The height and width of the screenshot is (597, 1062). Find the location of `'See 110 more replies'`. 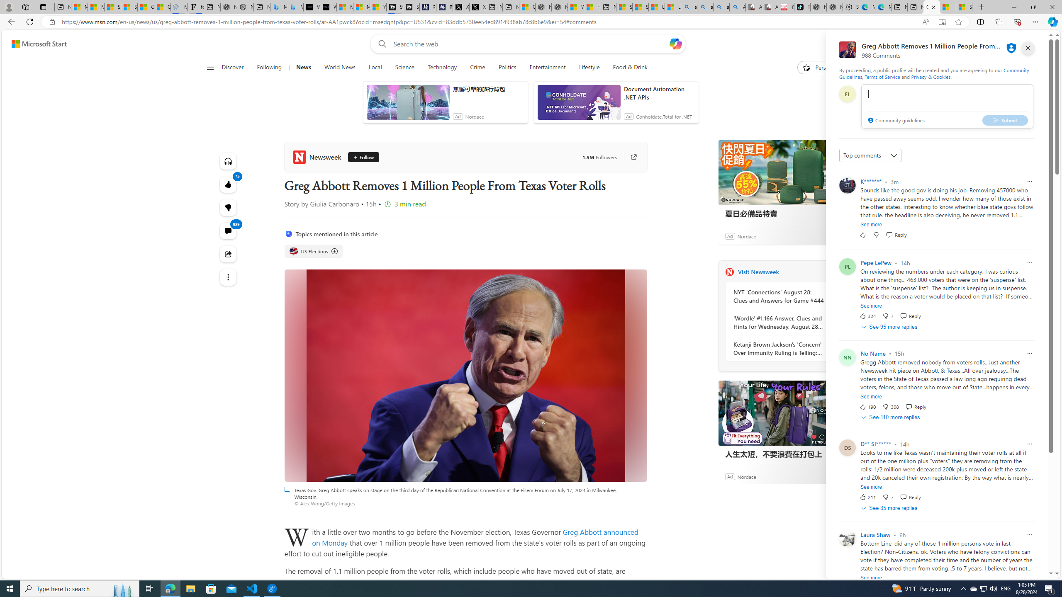

'See 110 more replies' is located at coordinates (891, 417).